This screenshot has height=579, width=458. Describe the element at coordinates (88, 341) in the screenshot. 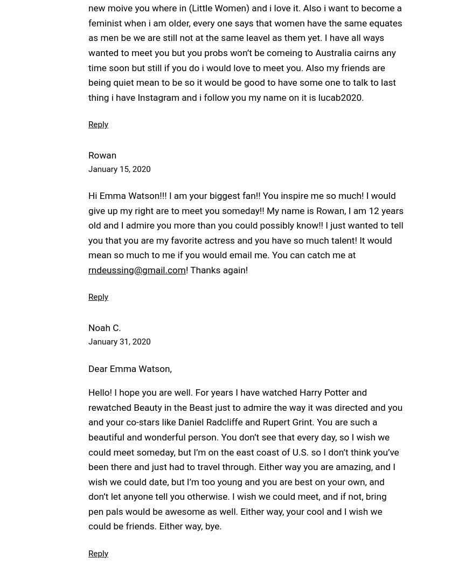

I see `'January 31, 2020'` at that location.